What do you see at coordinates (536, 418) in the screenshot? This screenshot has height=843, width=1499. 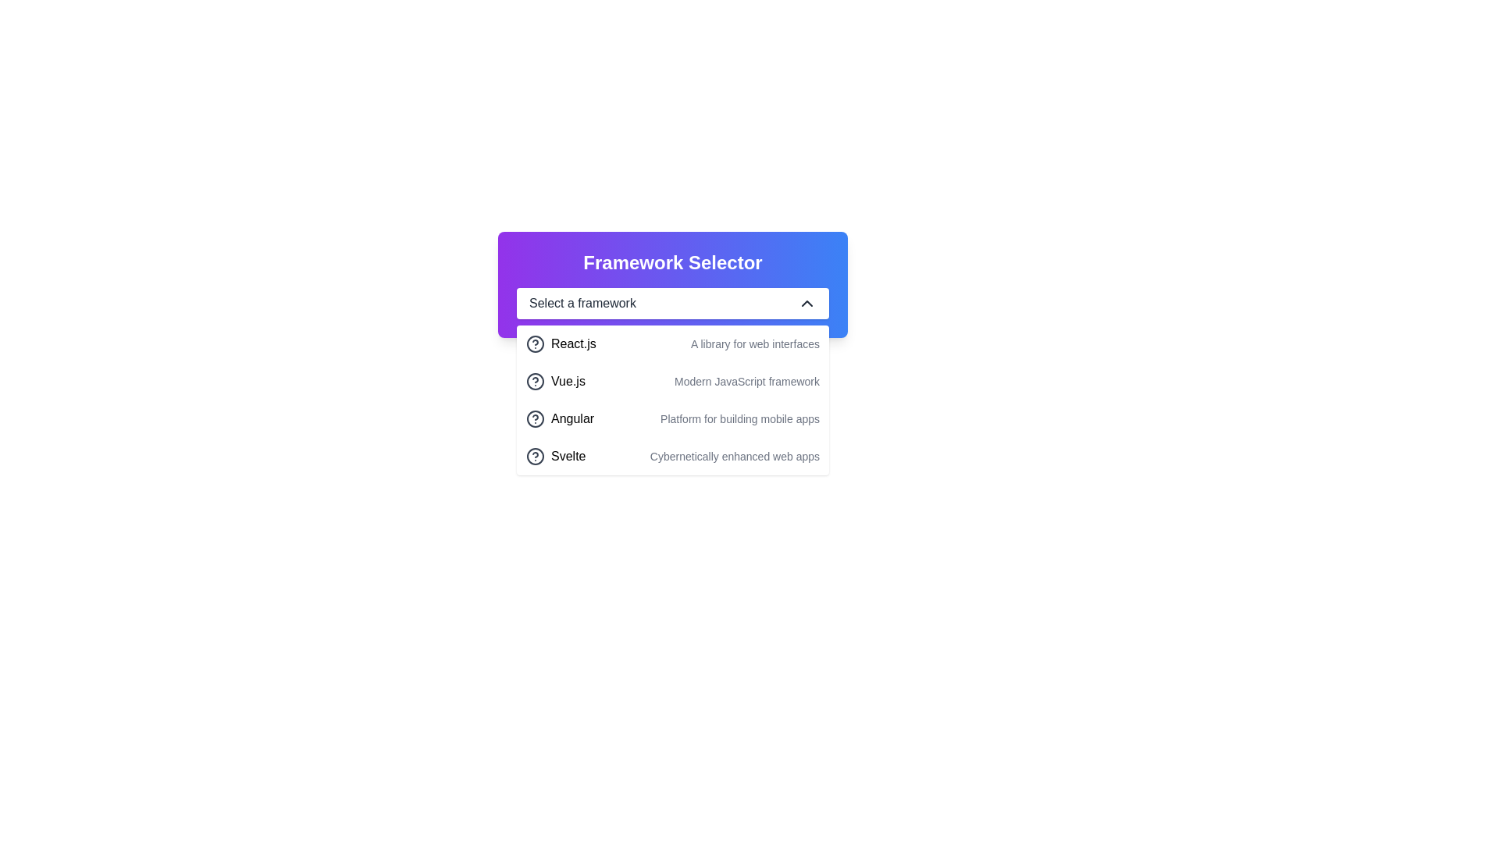 I see `the circular graphical component that is located inside the question mark icon to the left of the item labeled 'Angular' in the framework selection dropdown` at bounding box center [536, 418].